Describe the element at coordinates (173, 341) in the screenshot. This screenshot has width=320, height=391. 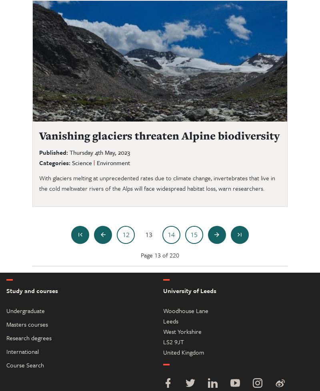
I see `'LS2 9JT'` at that location.